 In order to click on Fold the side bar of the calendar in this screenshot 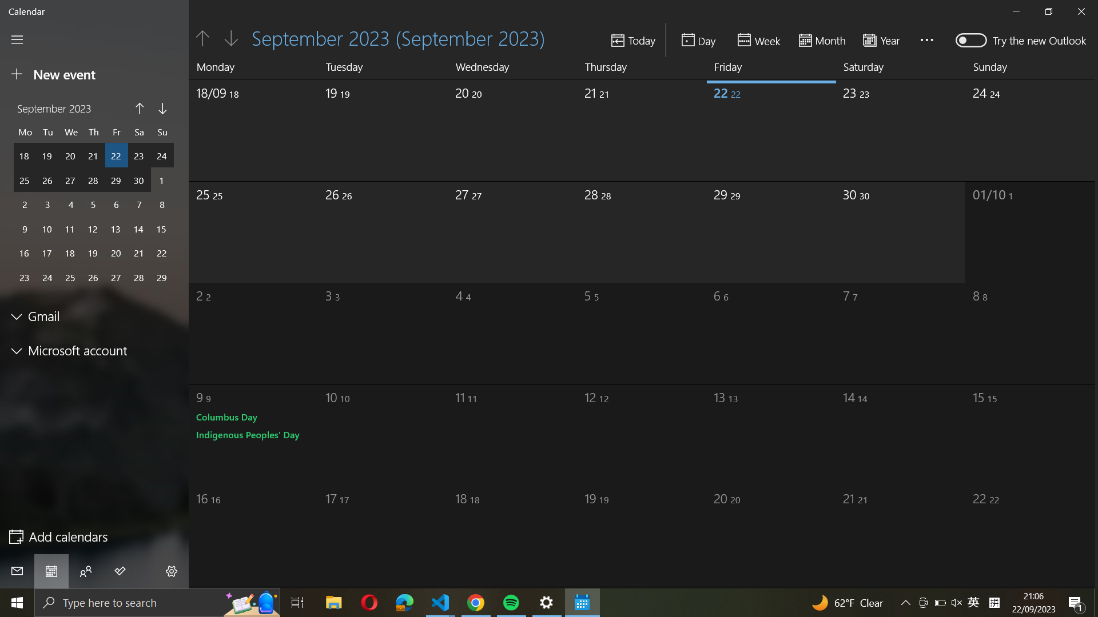, I will do `click(17, 39)`.